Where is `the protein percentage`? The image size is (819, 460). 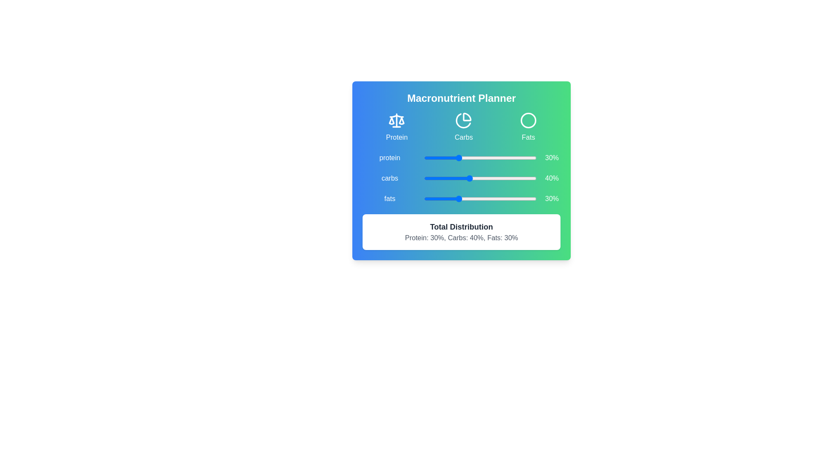
the protein percentage is located at coordinates (440, 158).